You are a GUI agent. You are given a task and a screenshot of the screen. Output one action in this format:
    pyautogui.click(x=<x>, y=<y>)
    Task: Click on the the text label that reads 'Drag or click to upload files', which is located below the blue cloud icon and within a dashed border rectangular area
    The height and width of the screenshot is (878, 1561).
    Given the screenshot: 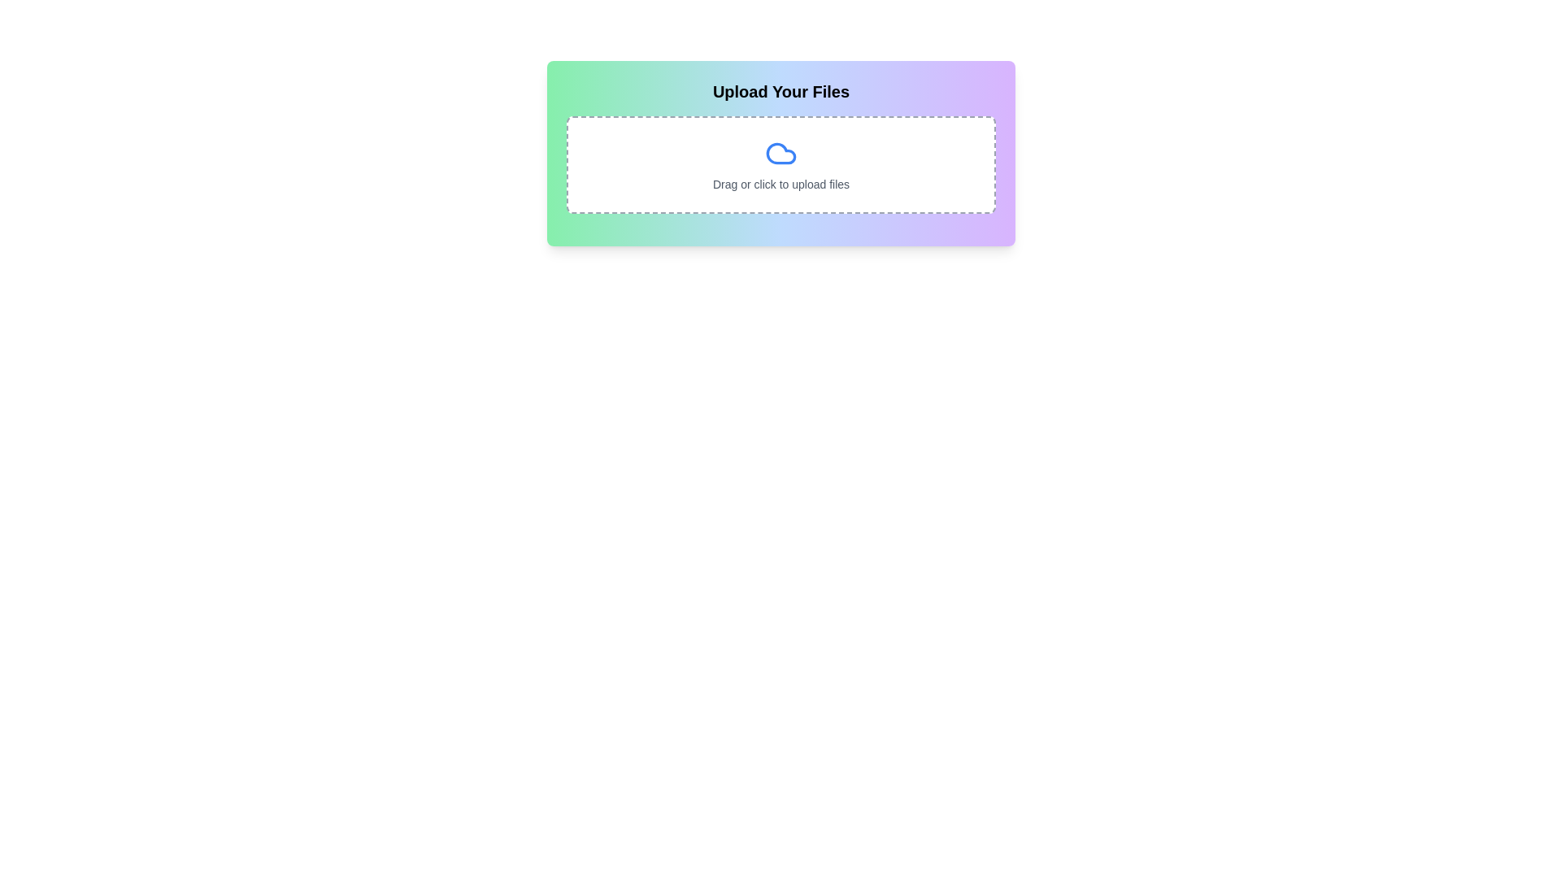 What is the action you would take?
    pyautogui.click(x=780, y=184)
    